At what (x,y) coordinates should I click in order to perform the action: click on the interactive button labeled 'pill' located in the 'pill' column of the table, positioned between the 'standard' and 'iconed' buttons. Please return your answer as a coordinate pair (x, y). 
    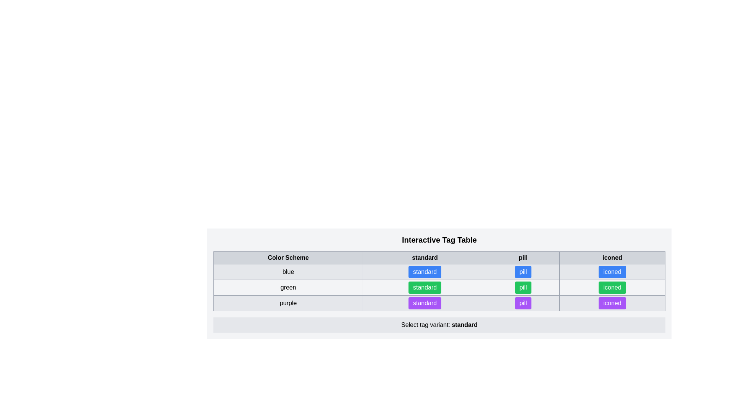
    Looking at the image, I should click on (523, 272).